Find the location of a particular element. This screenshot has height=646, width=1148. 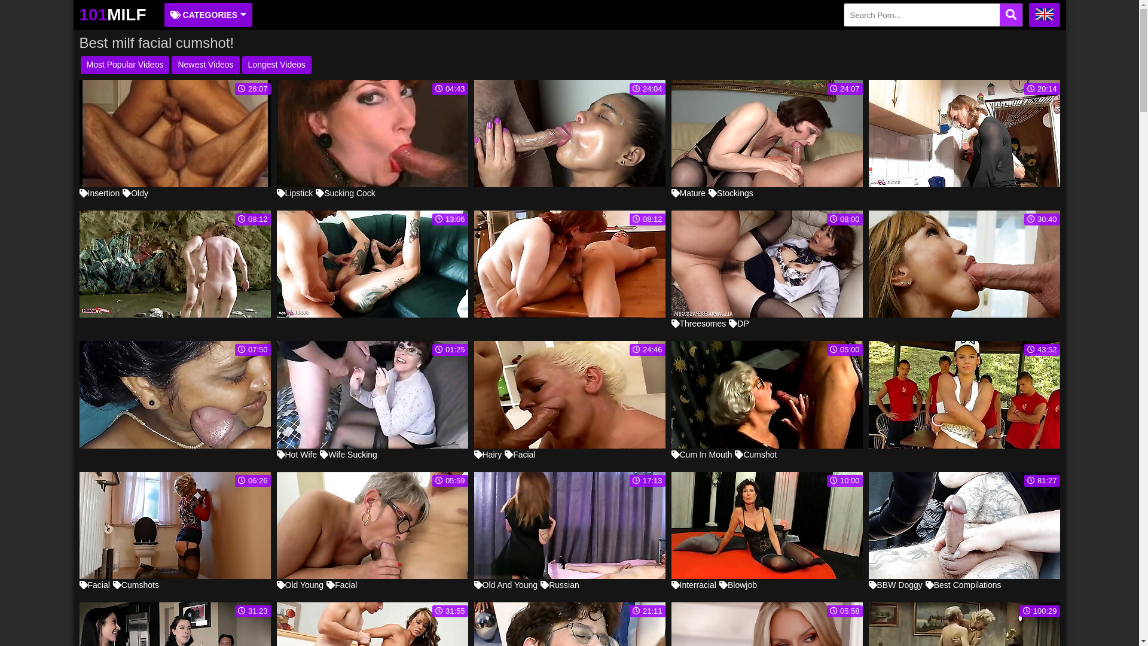

'Newest Videos' is located at coordinates (205, 65).